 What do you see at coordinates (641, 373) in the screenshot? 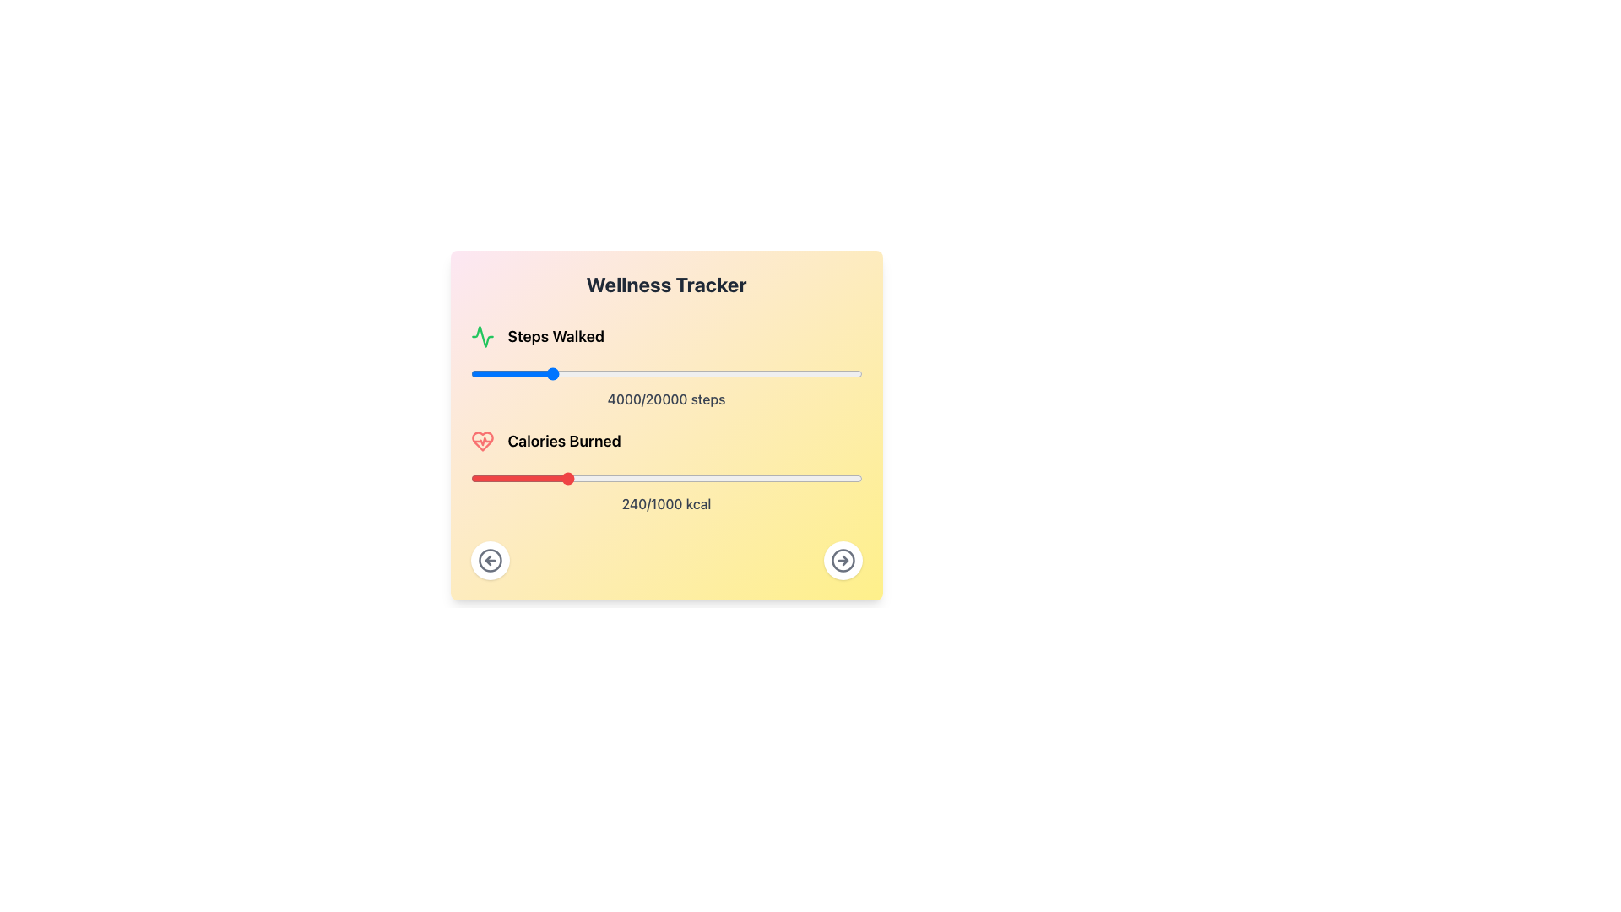
I see `the steps walked` at bounding box center [641, 373].